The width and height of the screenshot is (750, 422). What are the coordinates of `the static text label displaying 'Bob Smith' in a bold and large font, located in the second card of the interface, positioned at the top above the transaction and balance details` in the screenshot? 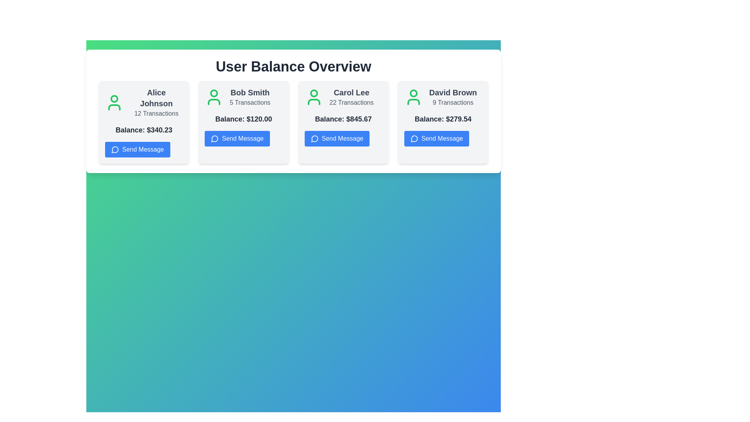 It's located at (250, 92).